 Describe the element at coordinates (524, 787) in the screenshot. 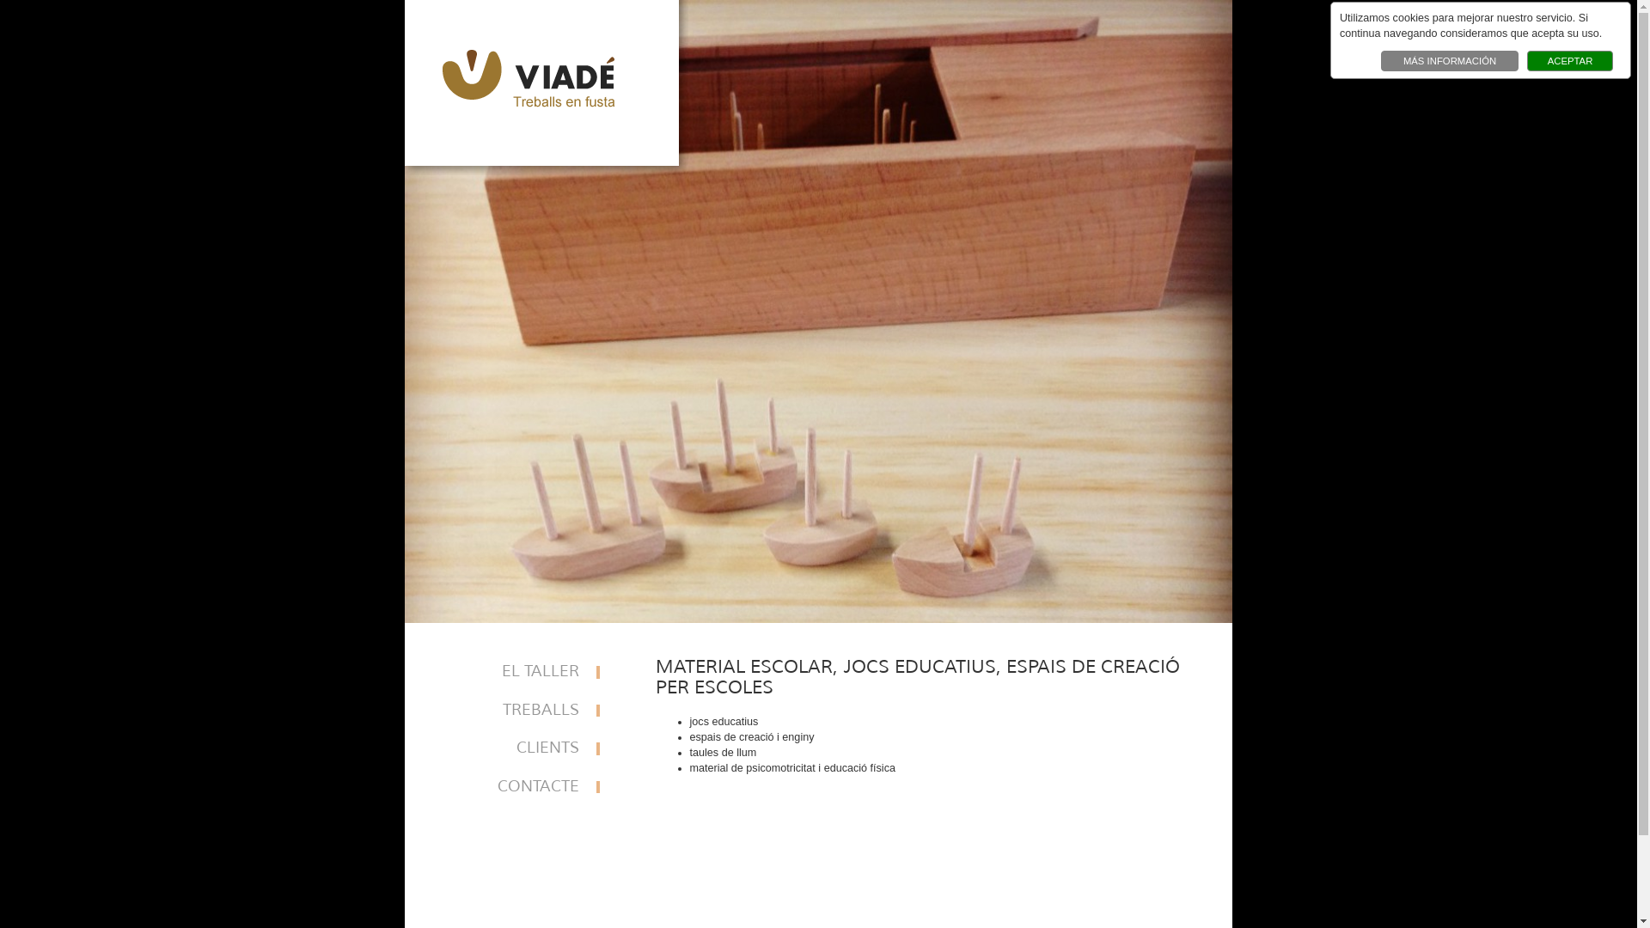

I see `'CONTACTE'` at that location.